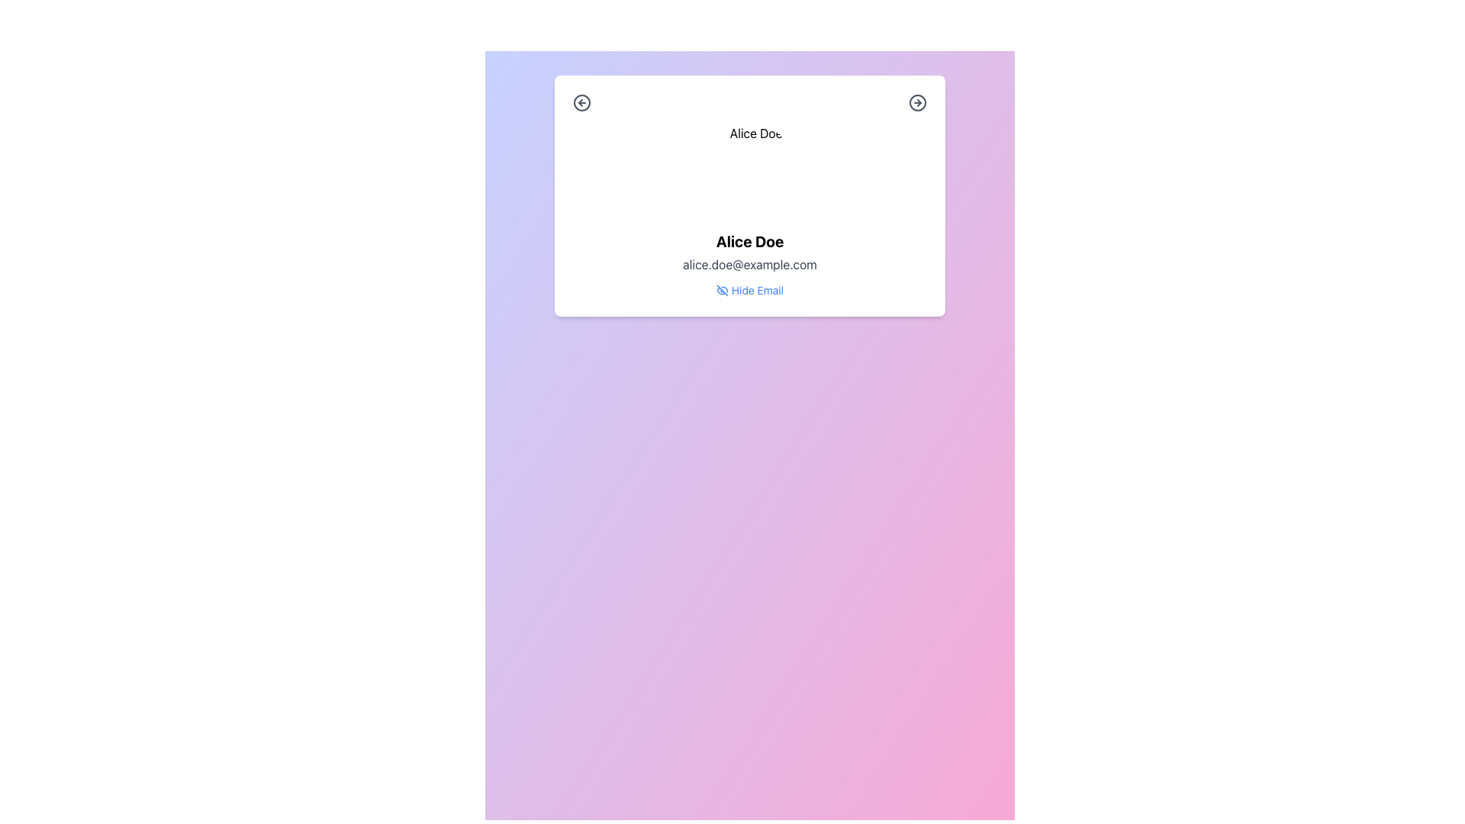  What do you see at coordinates (750, 240) in the screenshot?
I see `the text 'Alice Doe' displayed in bold, large, black font within the card layout` at bounding box center [750, 240].